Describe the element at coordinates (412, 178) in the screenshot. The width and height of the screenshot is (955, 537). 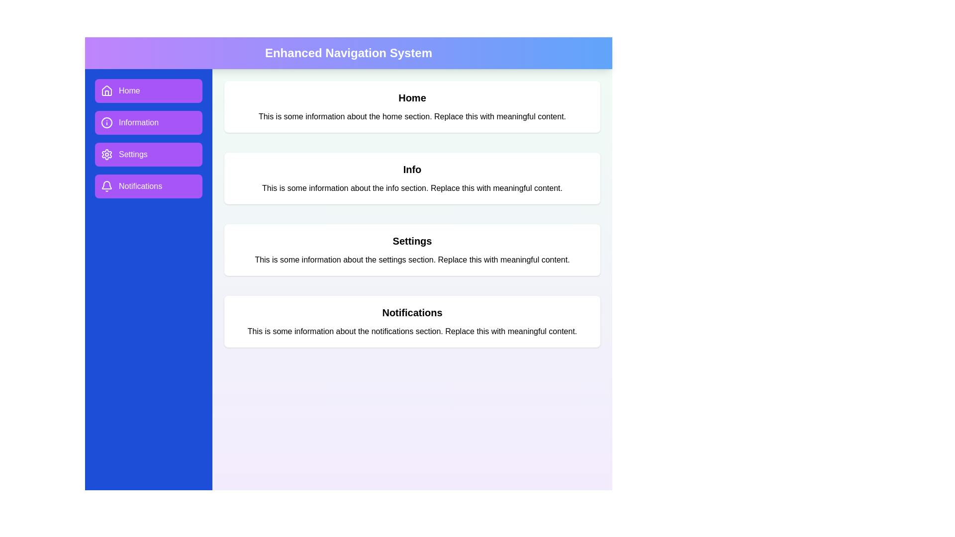
I see `the Static content card, which is the second card in a vertical list layout, positioned below the 'Home' card and above the 'Settings' card` at that location.